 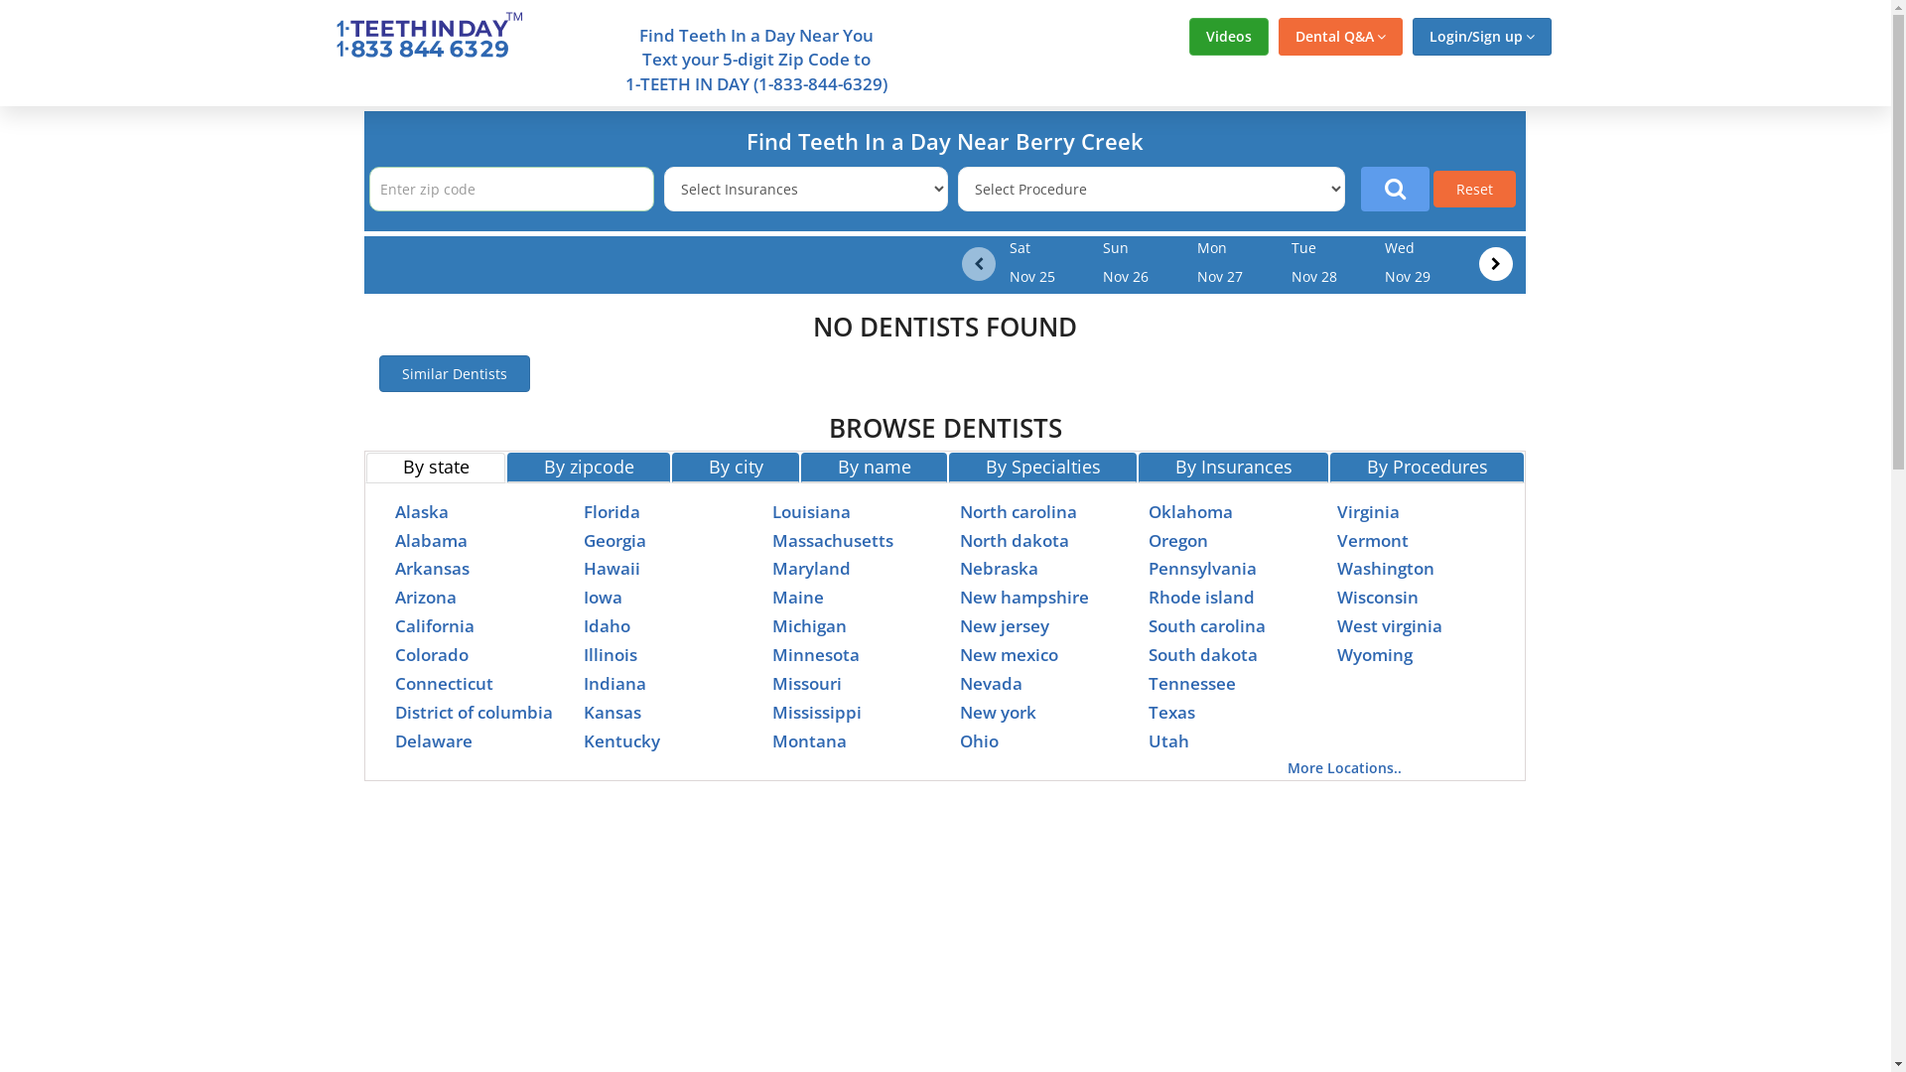 What do you see at coordinates (421, 510) in the screenshot?
I see `'Alaska'` at bounding box center [421, 510].